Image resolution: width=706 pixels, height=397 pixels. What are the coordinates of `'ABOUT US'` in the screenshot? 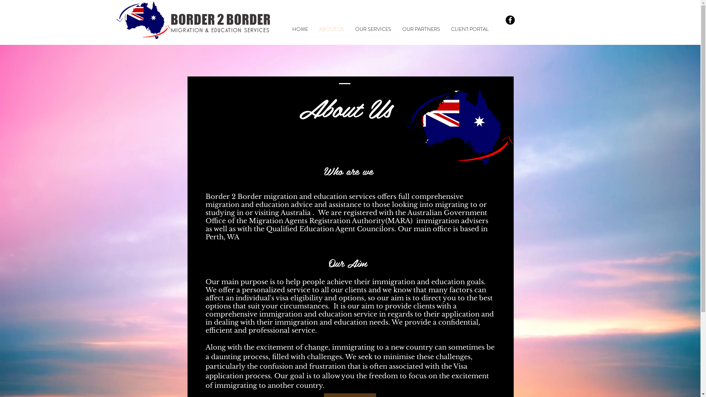 It's located at (331, 29).